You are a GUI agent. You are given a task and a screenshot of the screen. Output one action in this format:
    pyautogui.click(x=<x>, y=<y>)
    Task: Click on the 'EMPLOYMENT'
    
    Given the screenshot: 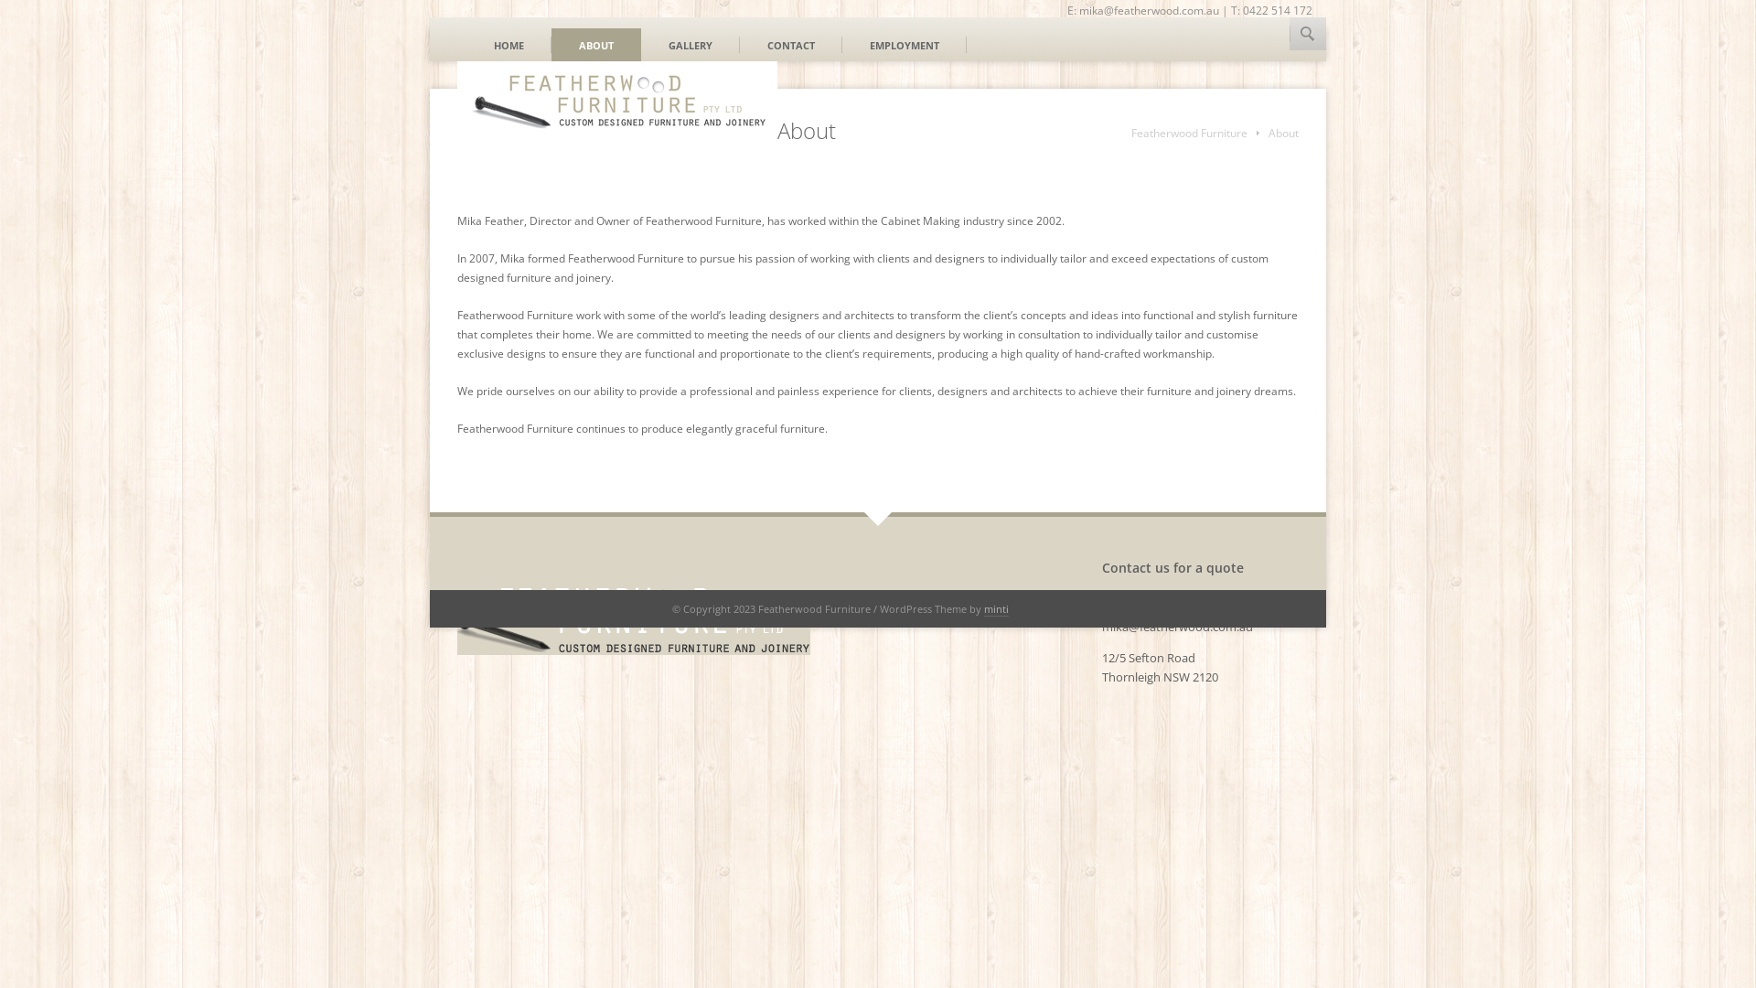 What is the action you would take?
    pyautogui.click(x=904, y=44)
    